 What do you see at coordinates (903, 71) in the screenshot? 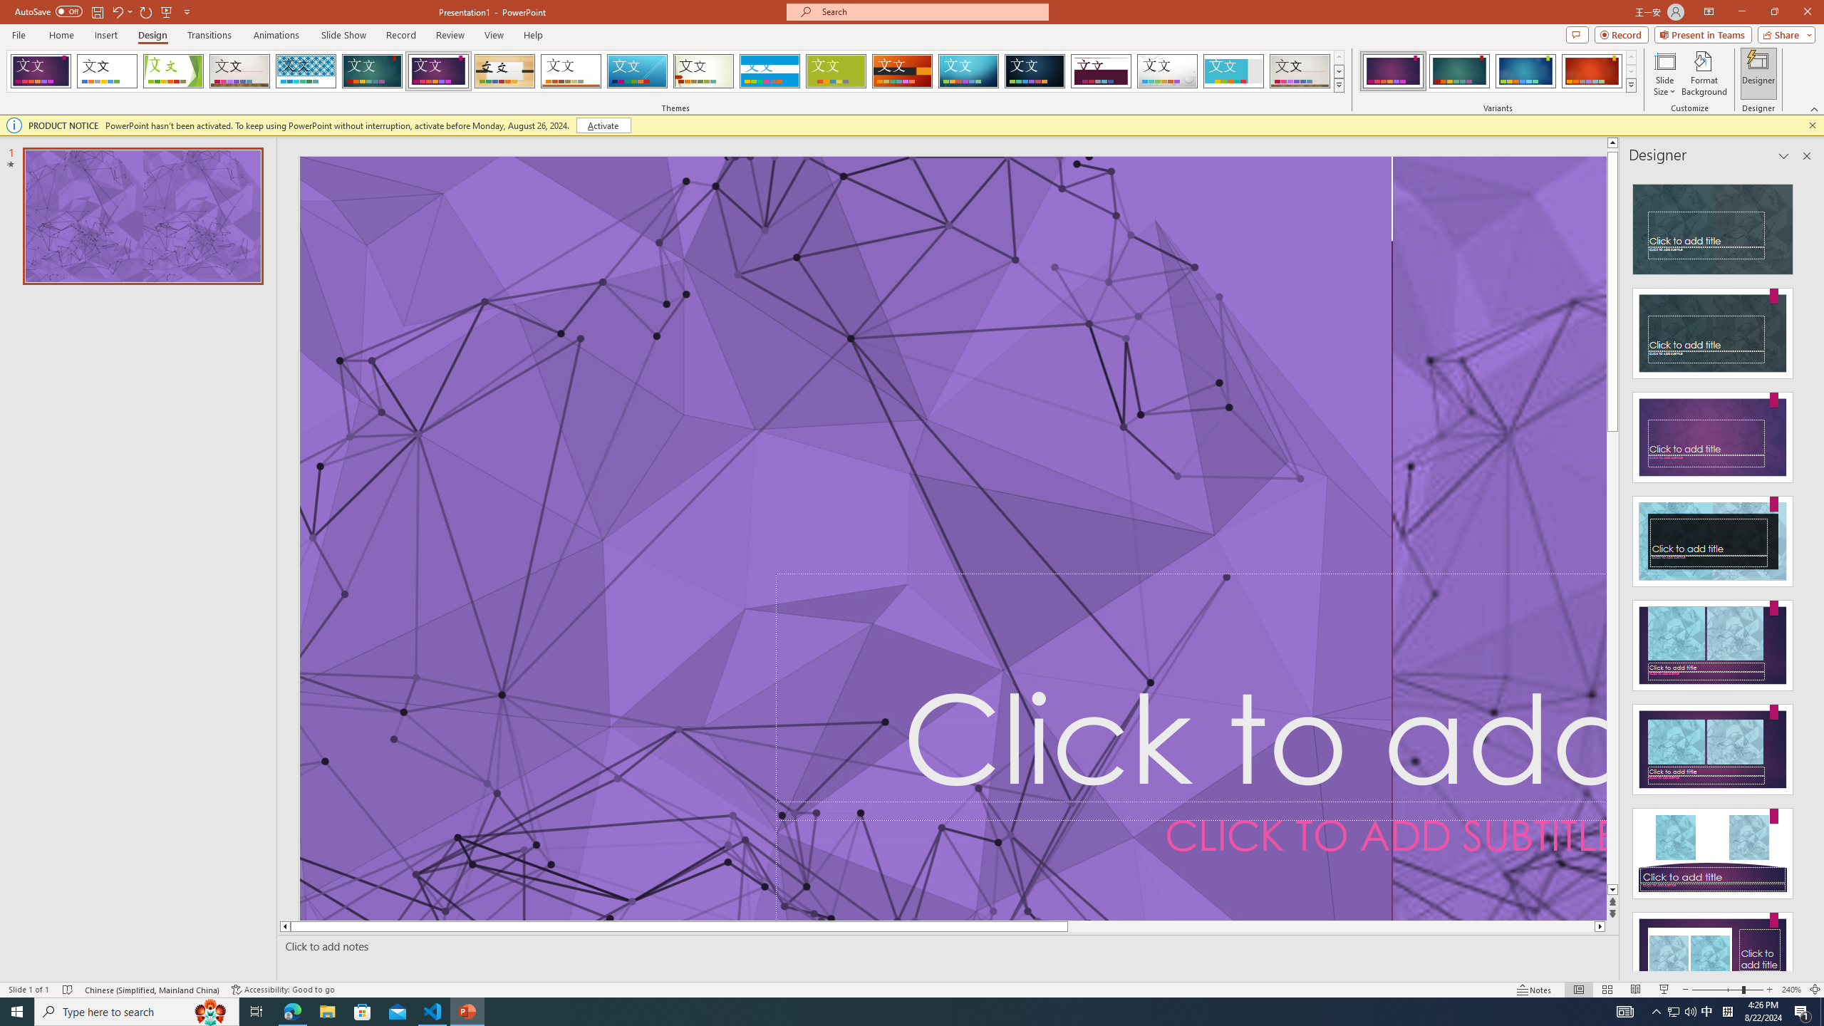
I see `'Berlin'` at bounding box center [903, 71].